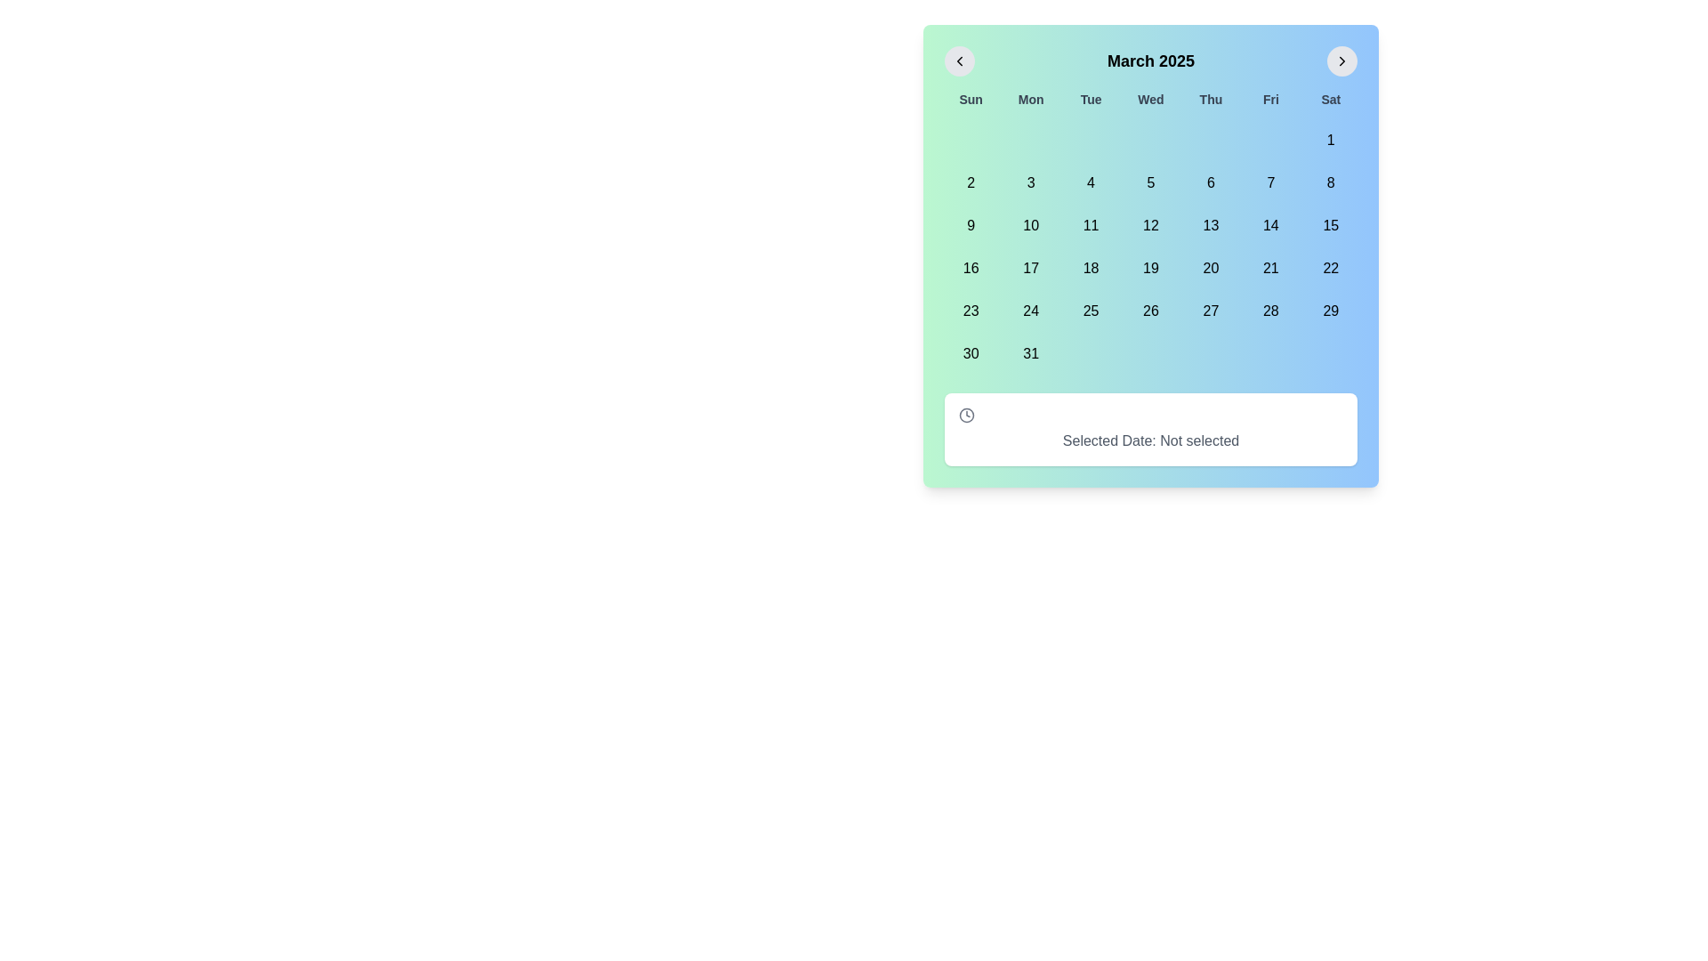 The height and width of the screenshot is (961, 1708). I want to click on the clickable date selector button for the date '25' in the calendar interface, so click(1090, 311).